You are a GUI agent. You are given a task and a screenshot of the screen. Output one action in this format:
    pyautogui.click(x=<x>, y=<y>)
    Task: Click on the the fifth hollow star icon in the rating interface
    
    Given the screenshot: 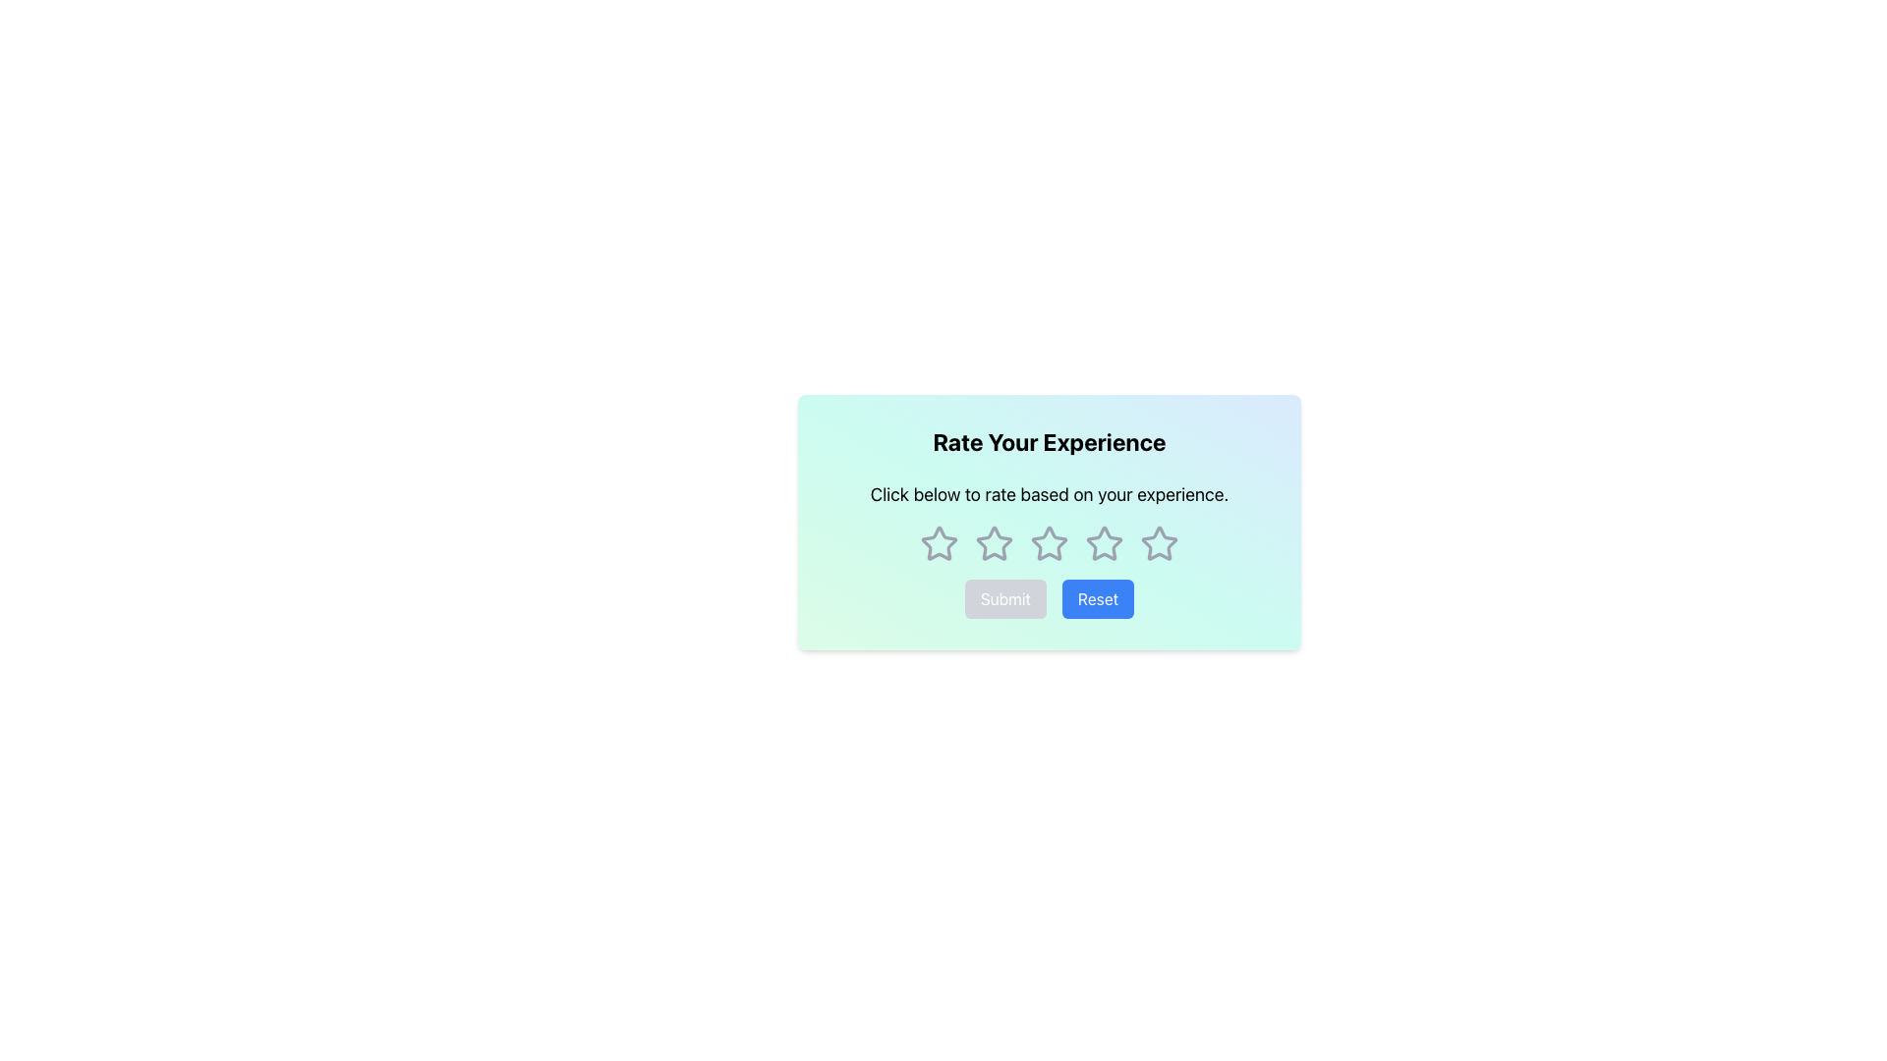 What is the action you would take?
    pyautogui.click(x=1159, y=542)
    